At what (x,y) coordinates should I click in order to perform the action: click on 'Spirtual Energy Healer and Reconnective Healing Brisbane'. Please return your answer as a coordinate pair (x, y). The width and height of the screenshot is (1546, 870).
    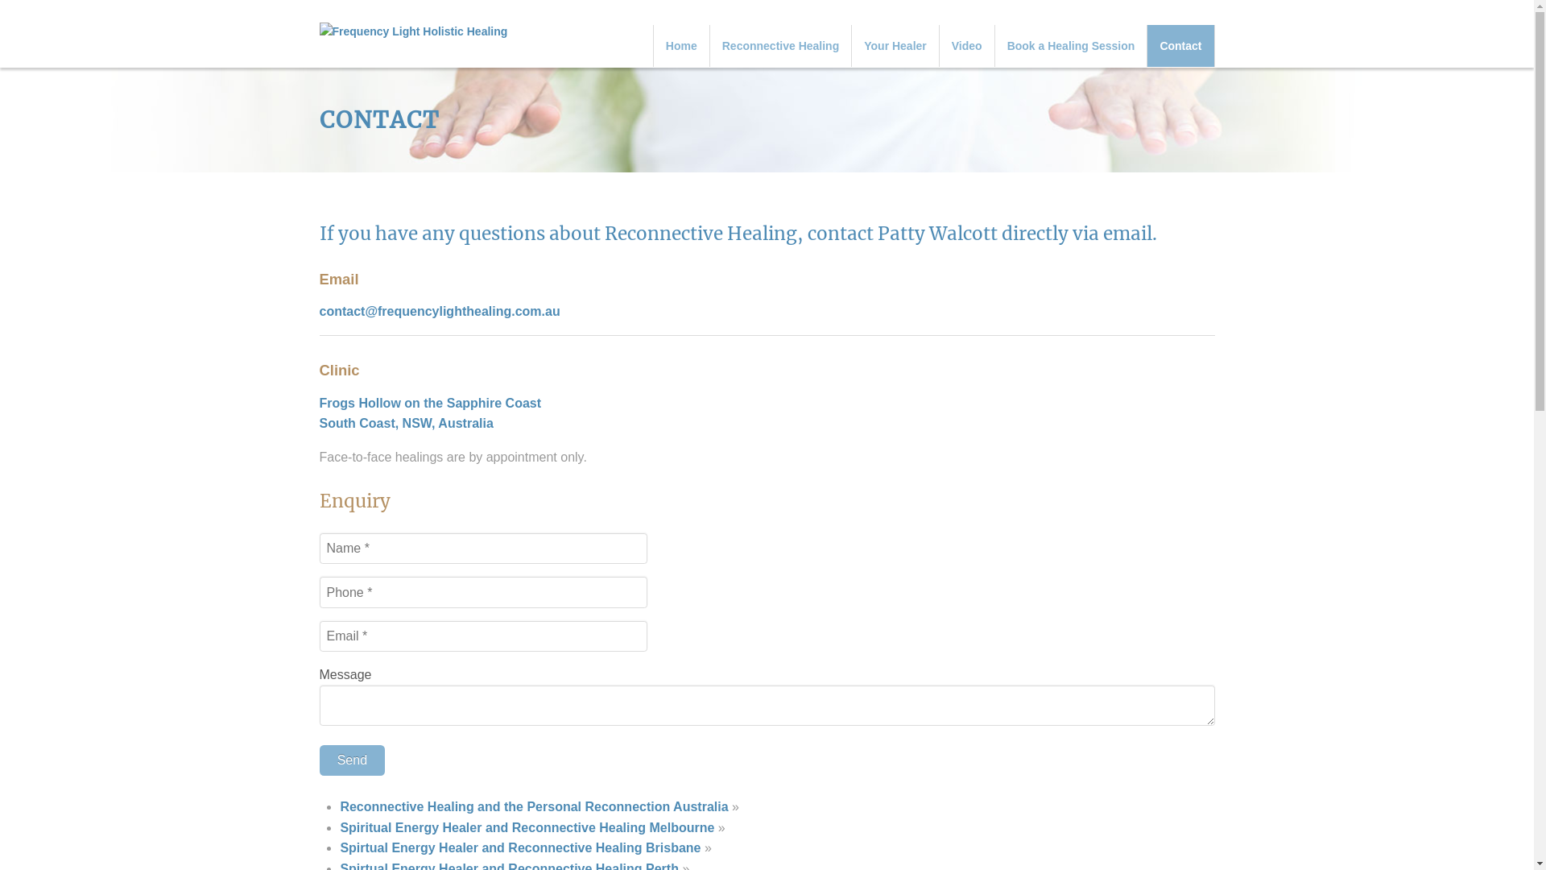
    Looking at the image, I should click on (520, 847).